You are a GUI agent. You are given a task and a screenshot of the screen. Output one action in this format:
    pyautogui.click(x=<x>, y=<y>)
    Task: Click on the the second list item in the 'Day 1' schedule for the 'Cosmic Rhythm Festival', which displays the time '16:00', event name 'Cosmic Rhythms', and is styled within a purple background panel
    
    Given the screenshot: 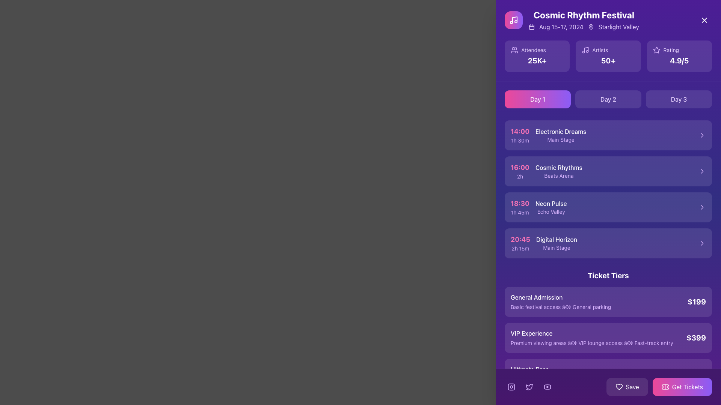 What is the action you would take?
    pyautogui.click(x=546, y=171)
    